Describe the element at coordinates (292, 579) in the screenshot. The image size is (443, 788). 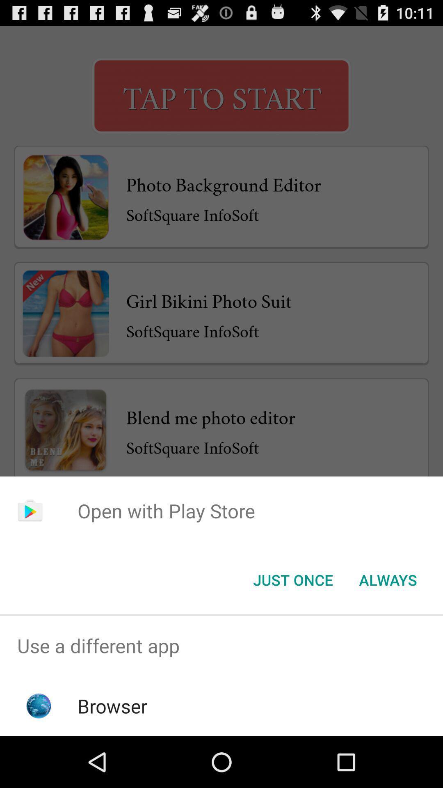
I see `icon below the open with play icon` at that location.